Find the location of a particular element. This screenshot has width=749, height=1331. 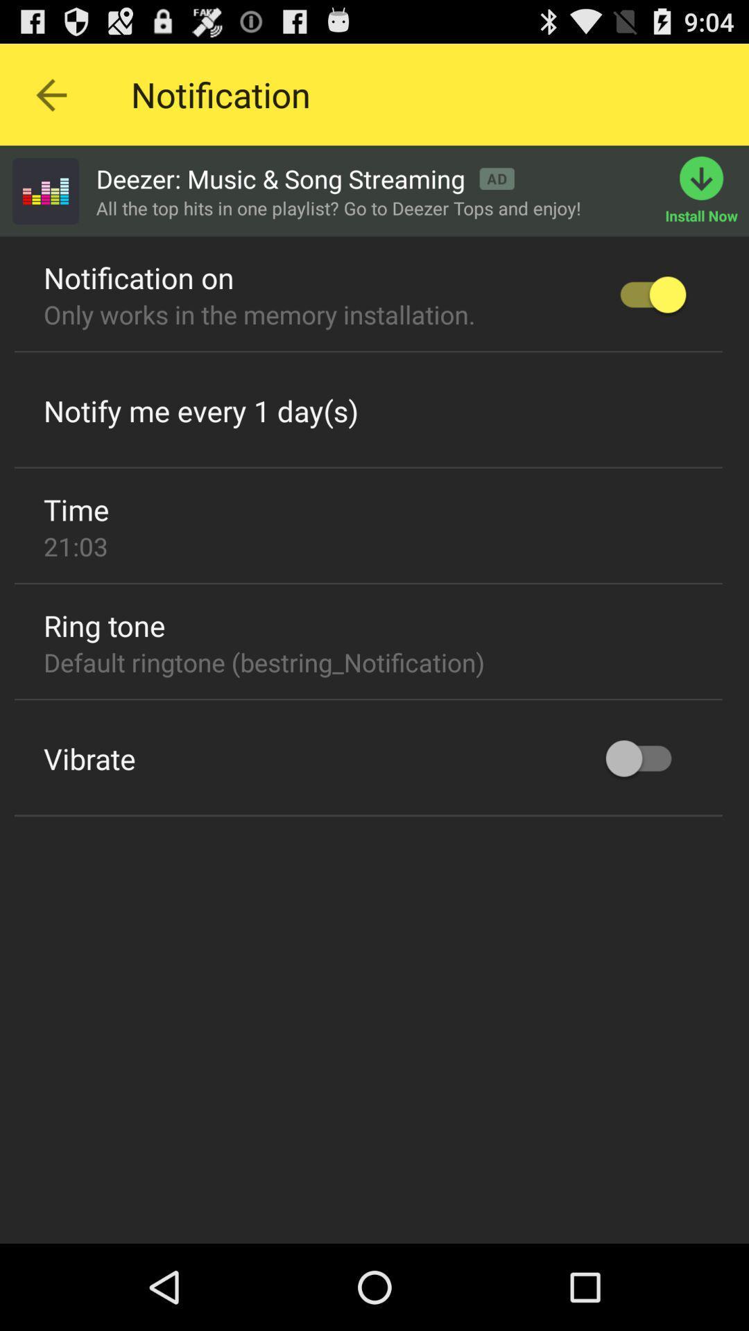

item below the 21:03 icon is located at coordinates (368, 584).